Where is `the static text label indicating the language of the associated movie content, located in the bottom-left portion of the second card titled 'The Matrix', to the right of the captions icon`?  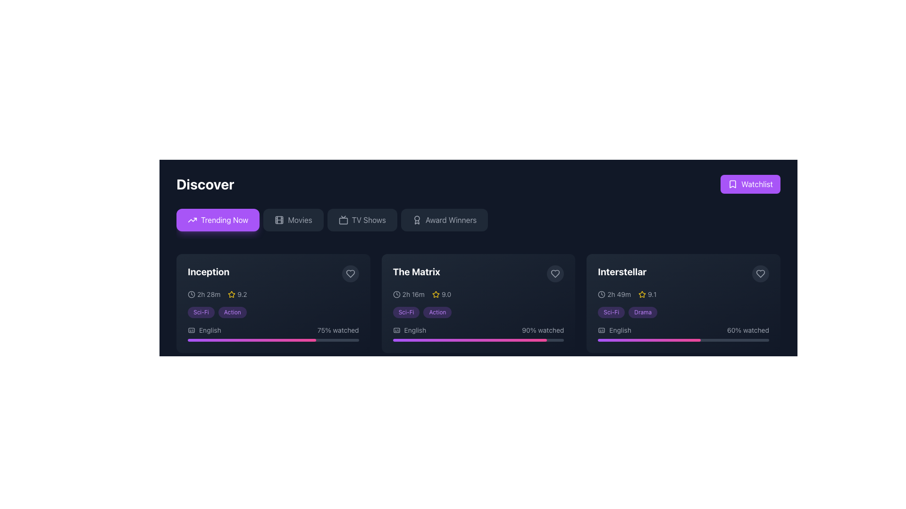 the static text label indicating the language of the associated movie content, located in the bottom-left portion of the second card titled 'The Matrix', to the right of the captions icon is located at coordinates (415, 330).